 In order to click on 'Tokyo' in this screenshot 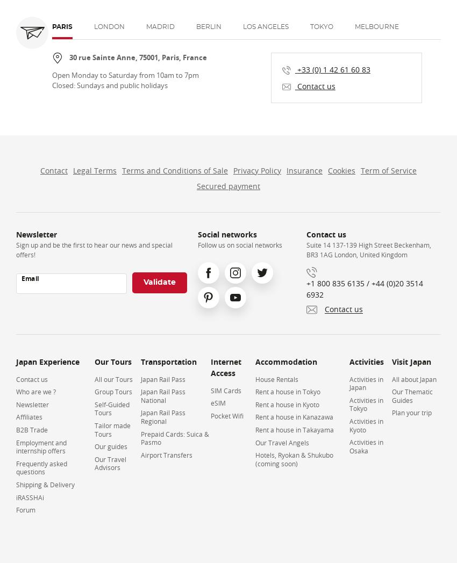, I will do `click(321, 26)`.